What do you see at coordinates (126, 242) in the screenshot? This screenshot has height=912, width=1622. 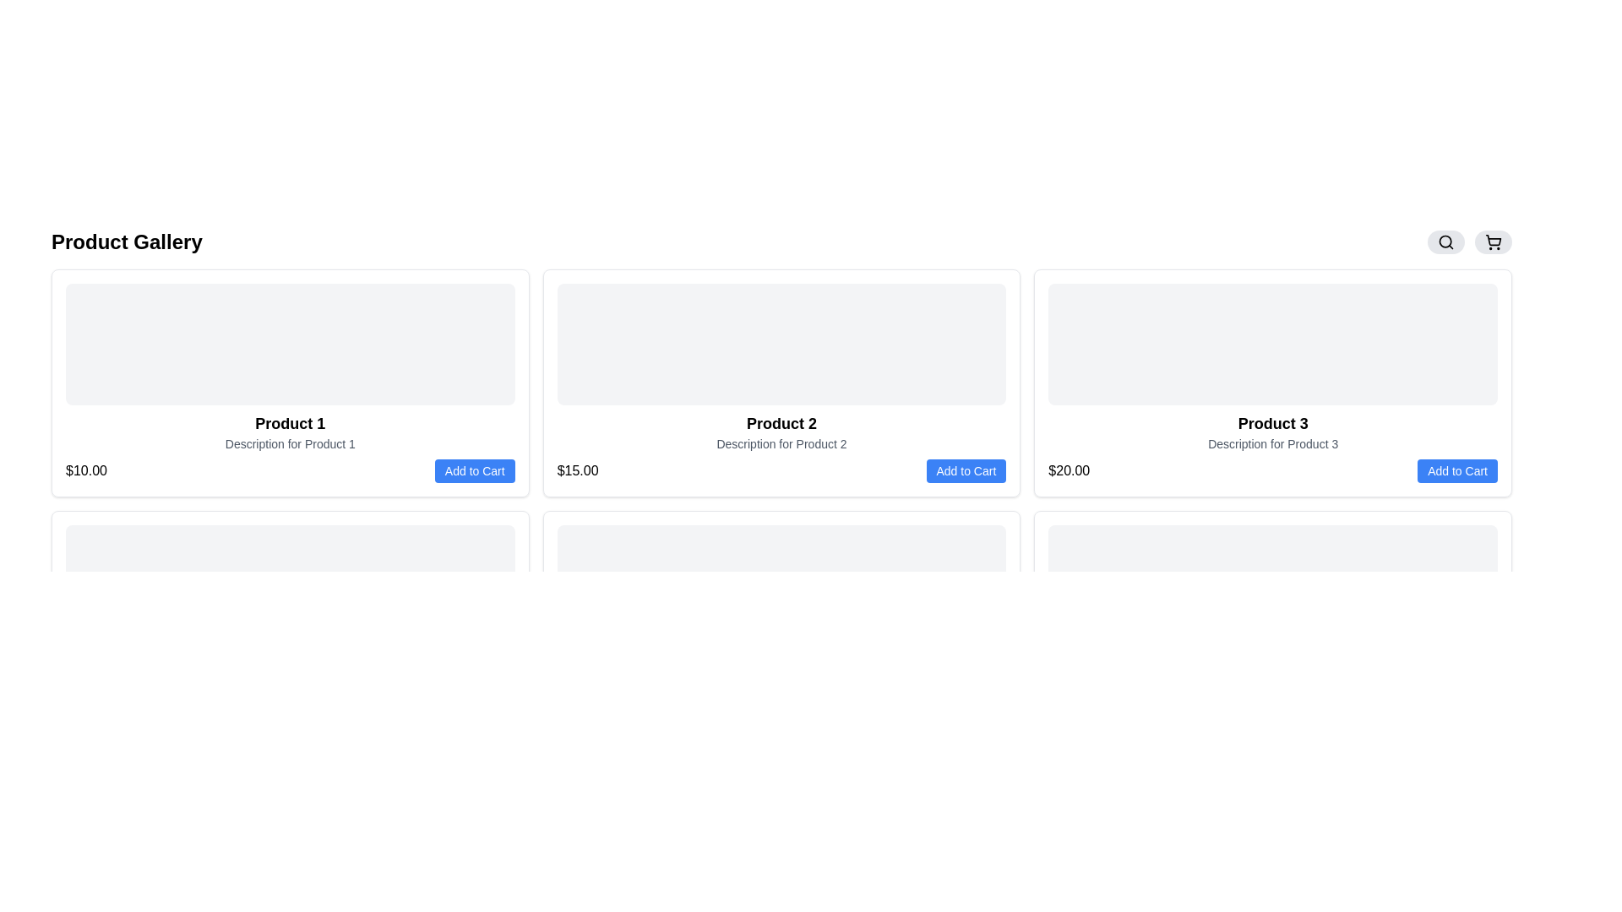 I see `the bold and large-sized text element labeled 'Product Gallery', which is located at the top-left area of the interface, above the product thumbnails` at bounding box center [126, 242].